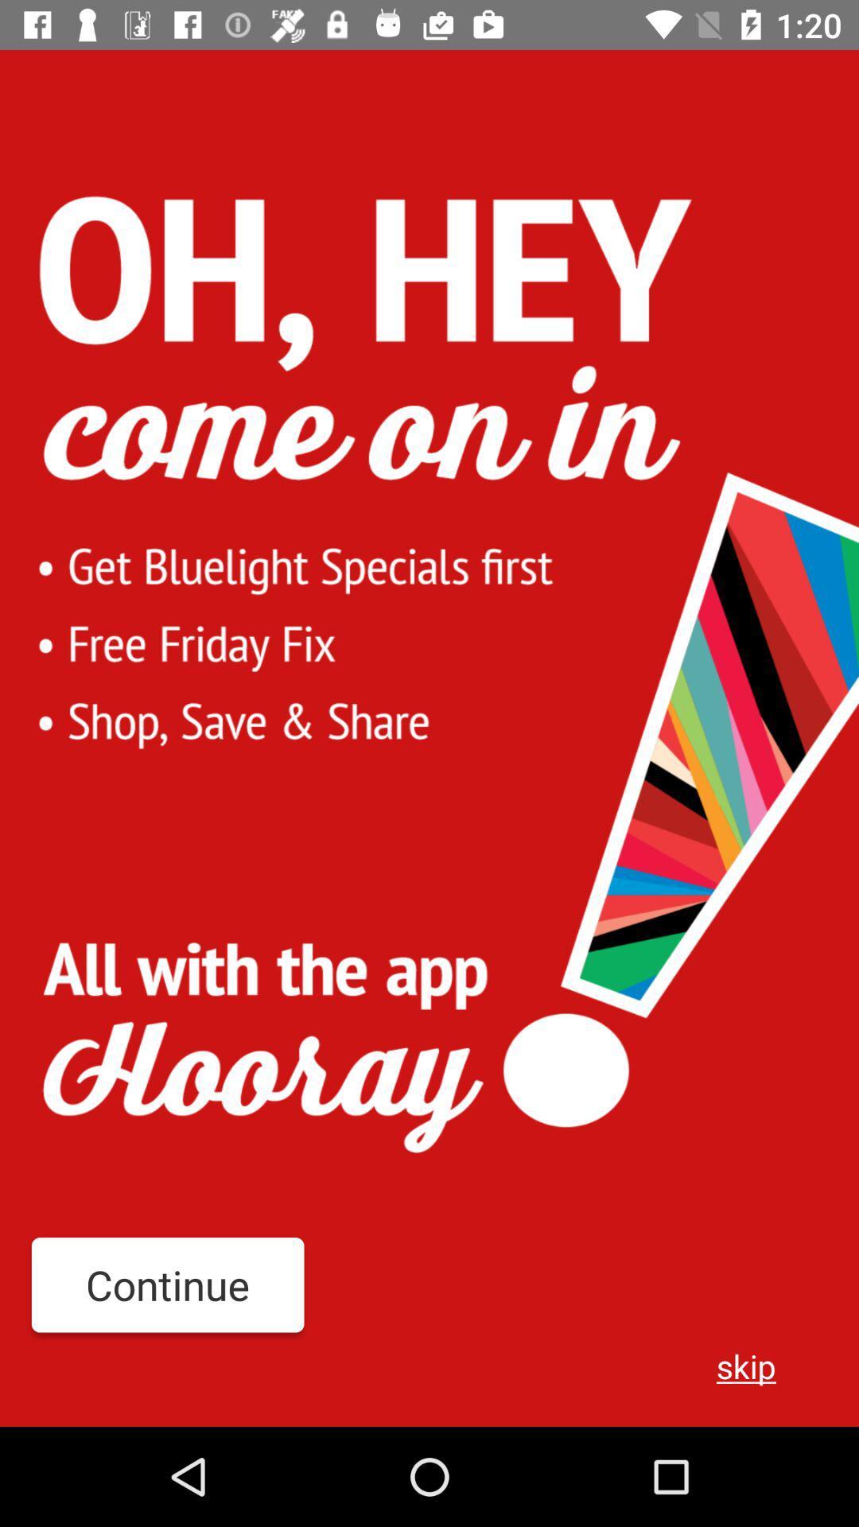  What do you see at coordinates (746, 1365) in the screenshot?
I see `item at the bottom right corner` at bounding box center [746, 1365].